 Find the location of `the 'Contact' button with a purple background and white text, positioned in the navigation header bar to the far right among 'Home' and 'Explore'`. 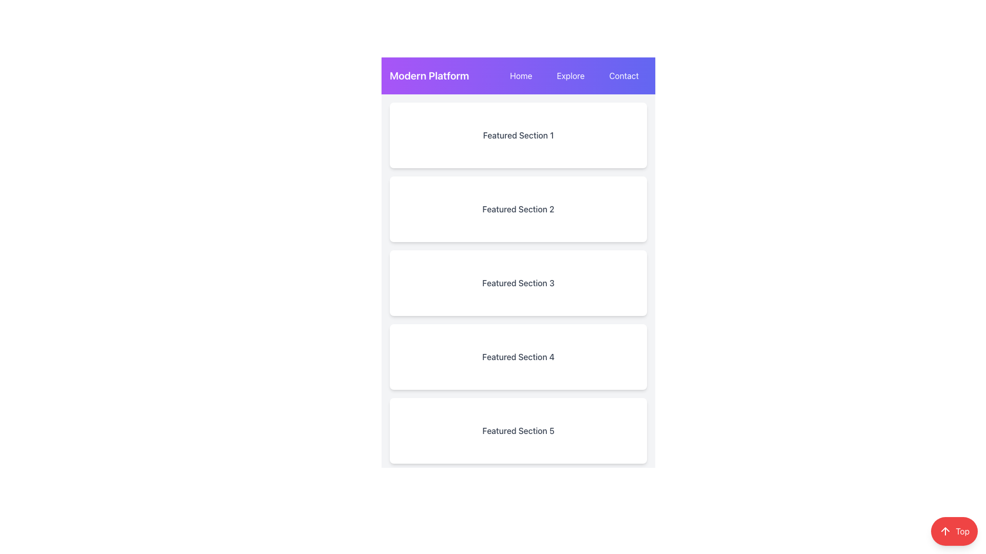

the 'Contact' button with a purple background and white text, positioned in the navigation header bar to the far right among 'Home' and 'Explore' is located at coordinates (623, 75).